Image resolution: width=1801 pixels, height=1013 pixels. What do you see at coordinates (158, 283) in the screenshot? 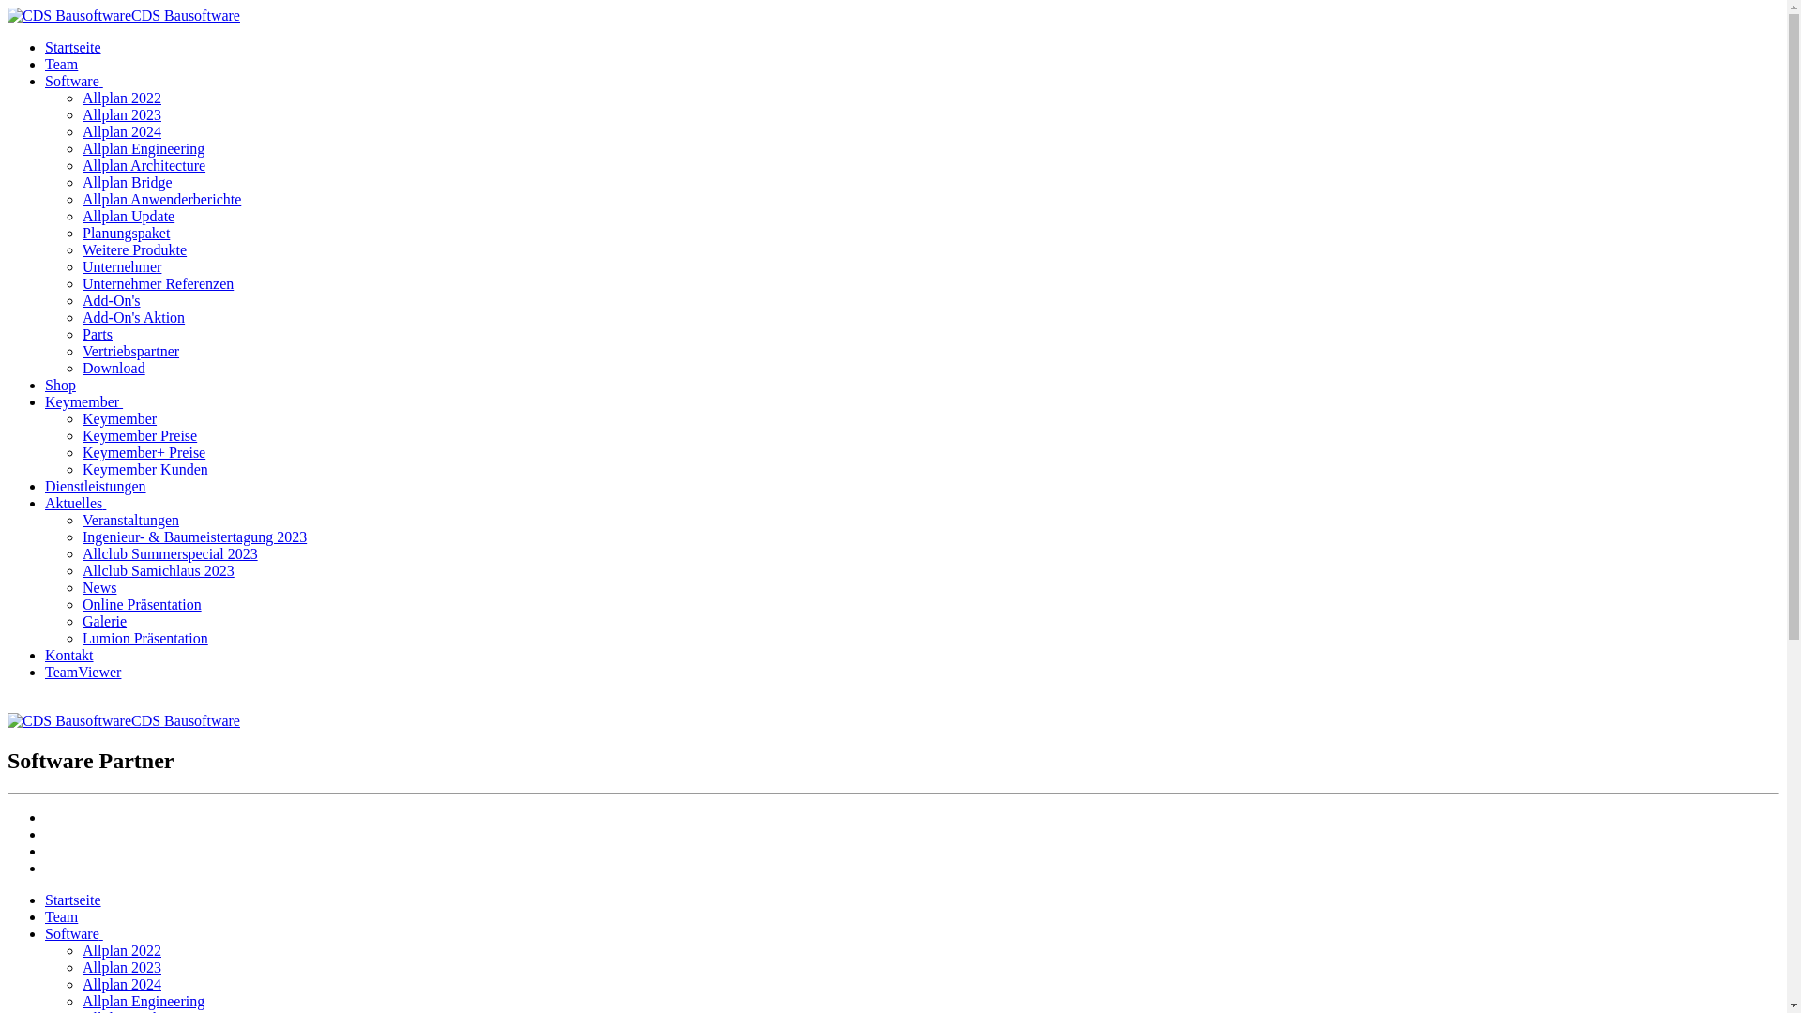
I see `'Unternehmer Referenzen'` at bounding box center [158, 283].